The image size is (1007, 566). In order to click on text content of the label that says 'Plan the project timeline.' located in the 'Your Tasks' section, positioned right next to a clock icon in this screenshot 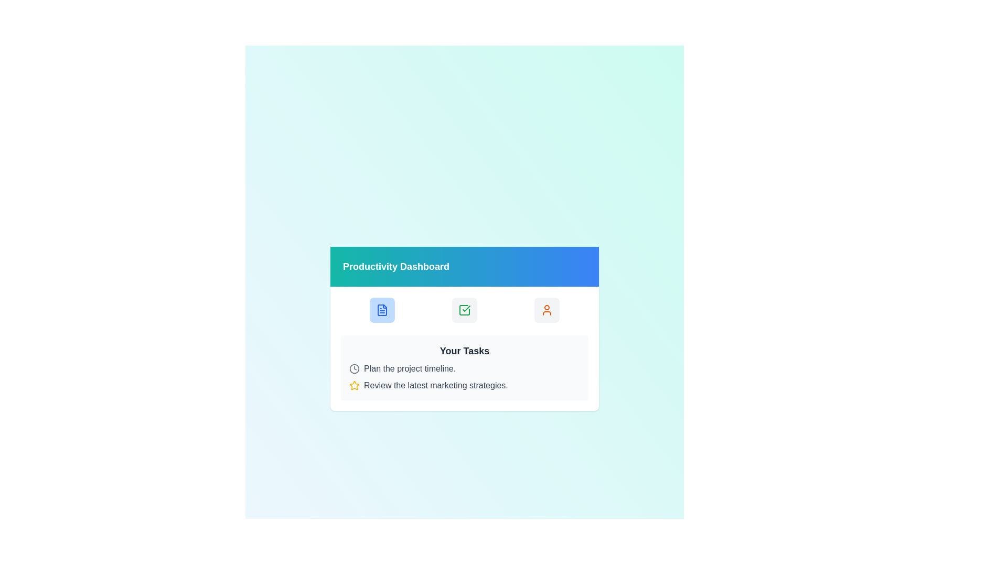, I will do `click(409, 368)`.